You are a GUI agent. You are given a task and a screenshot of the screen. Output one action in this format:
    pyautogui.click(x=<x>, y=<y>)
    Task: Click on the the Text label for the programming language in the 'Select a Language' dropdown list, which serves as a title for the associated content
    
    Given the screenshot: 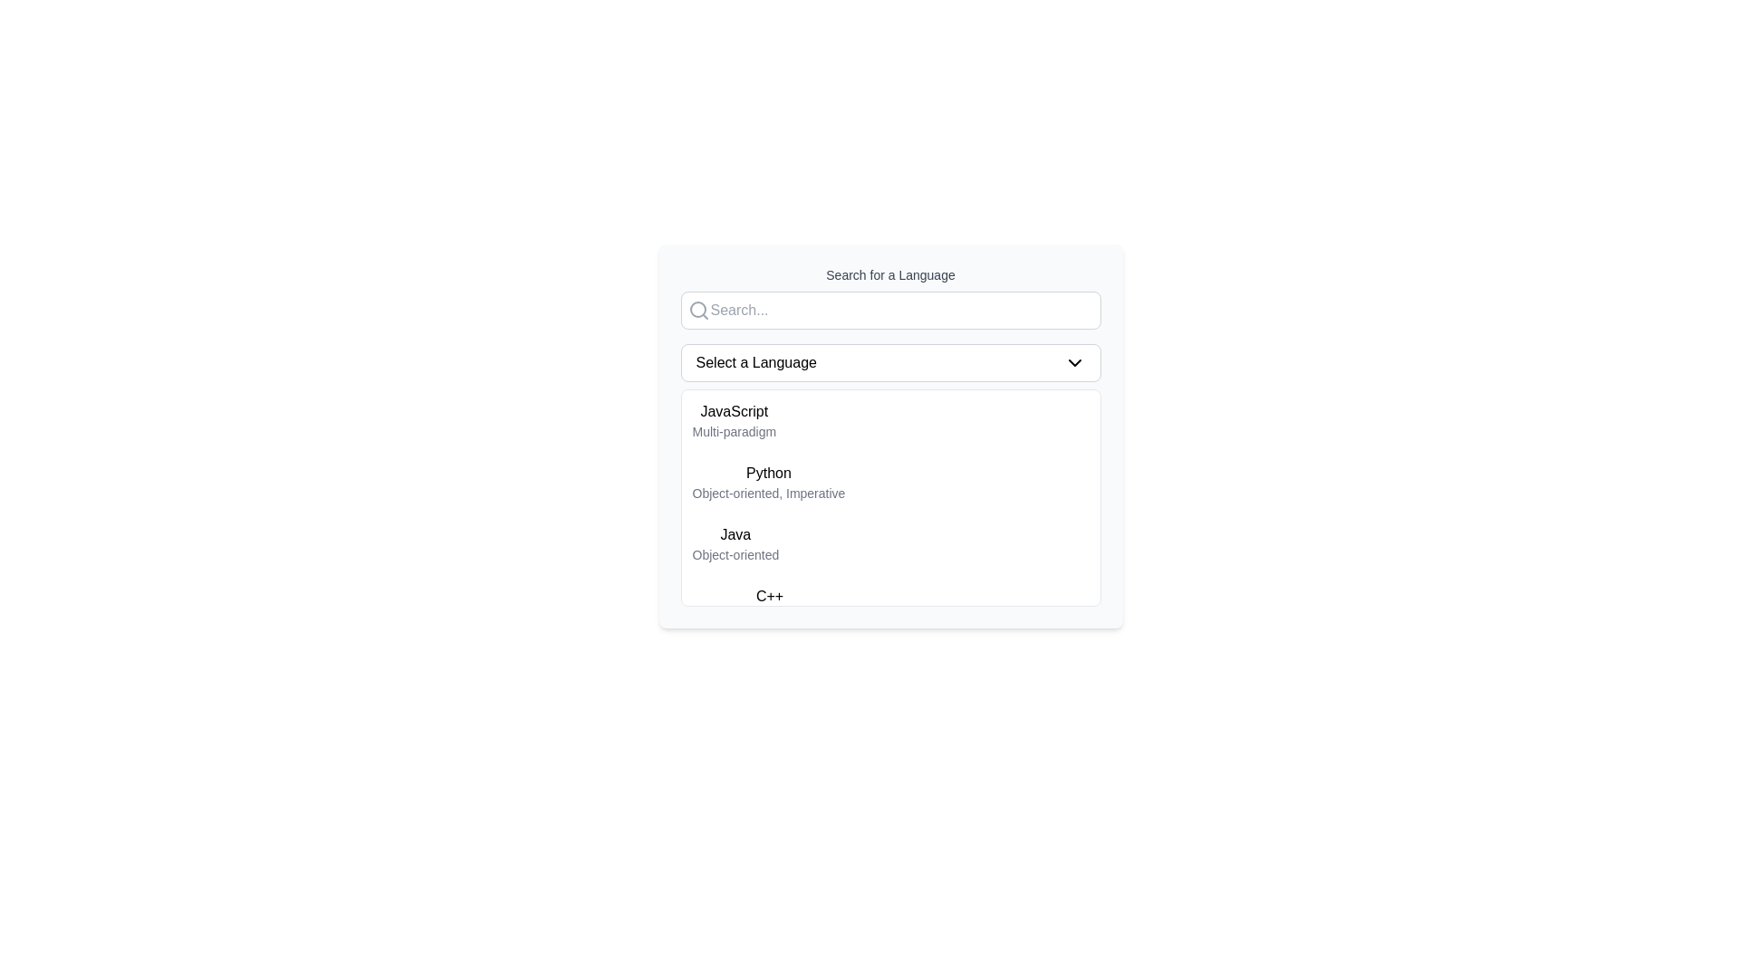 What is the action you would take?
    pyautogui.click(x=735, y=533)
    